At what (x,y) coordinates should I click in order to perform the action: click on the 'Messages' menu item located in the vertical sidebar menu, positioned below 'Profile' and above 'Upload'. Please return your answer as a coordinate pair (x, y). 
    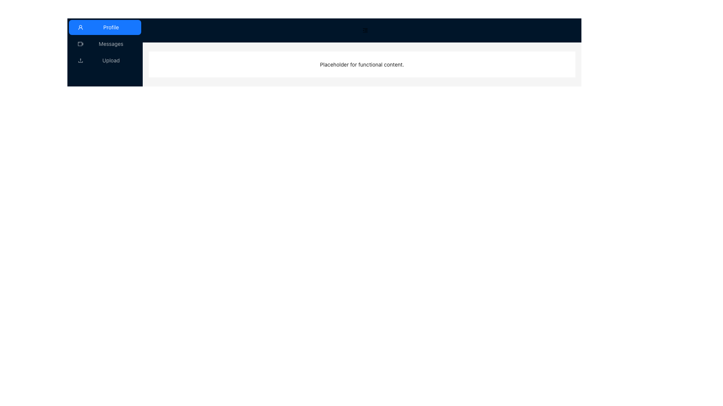
    Looking at the image, I should click on (104, 44).